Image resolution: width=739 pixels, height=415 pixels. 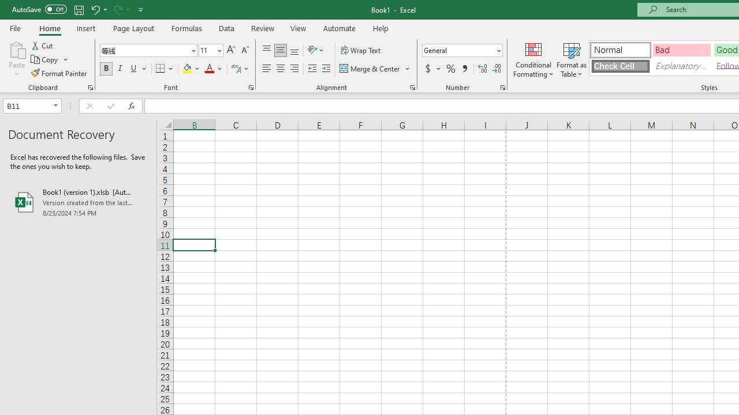 What do you see at coordinates (251, 86) in the screenshot?
I see `'Format Cell Font'` at bounding box center [251, 86].